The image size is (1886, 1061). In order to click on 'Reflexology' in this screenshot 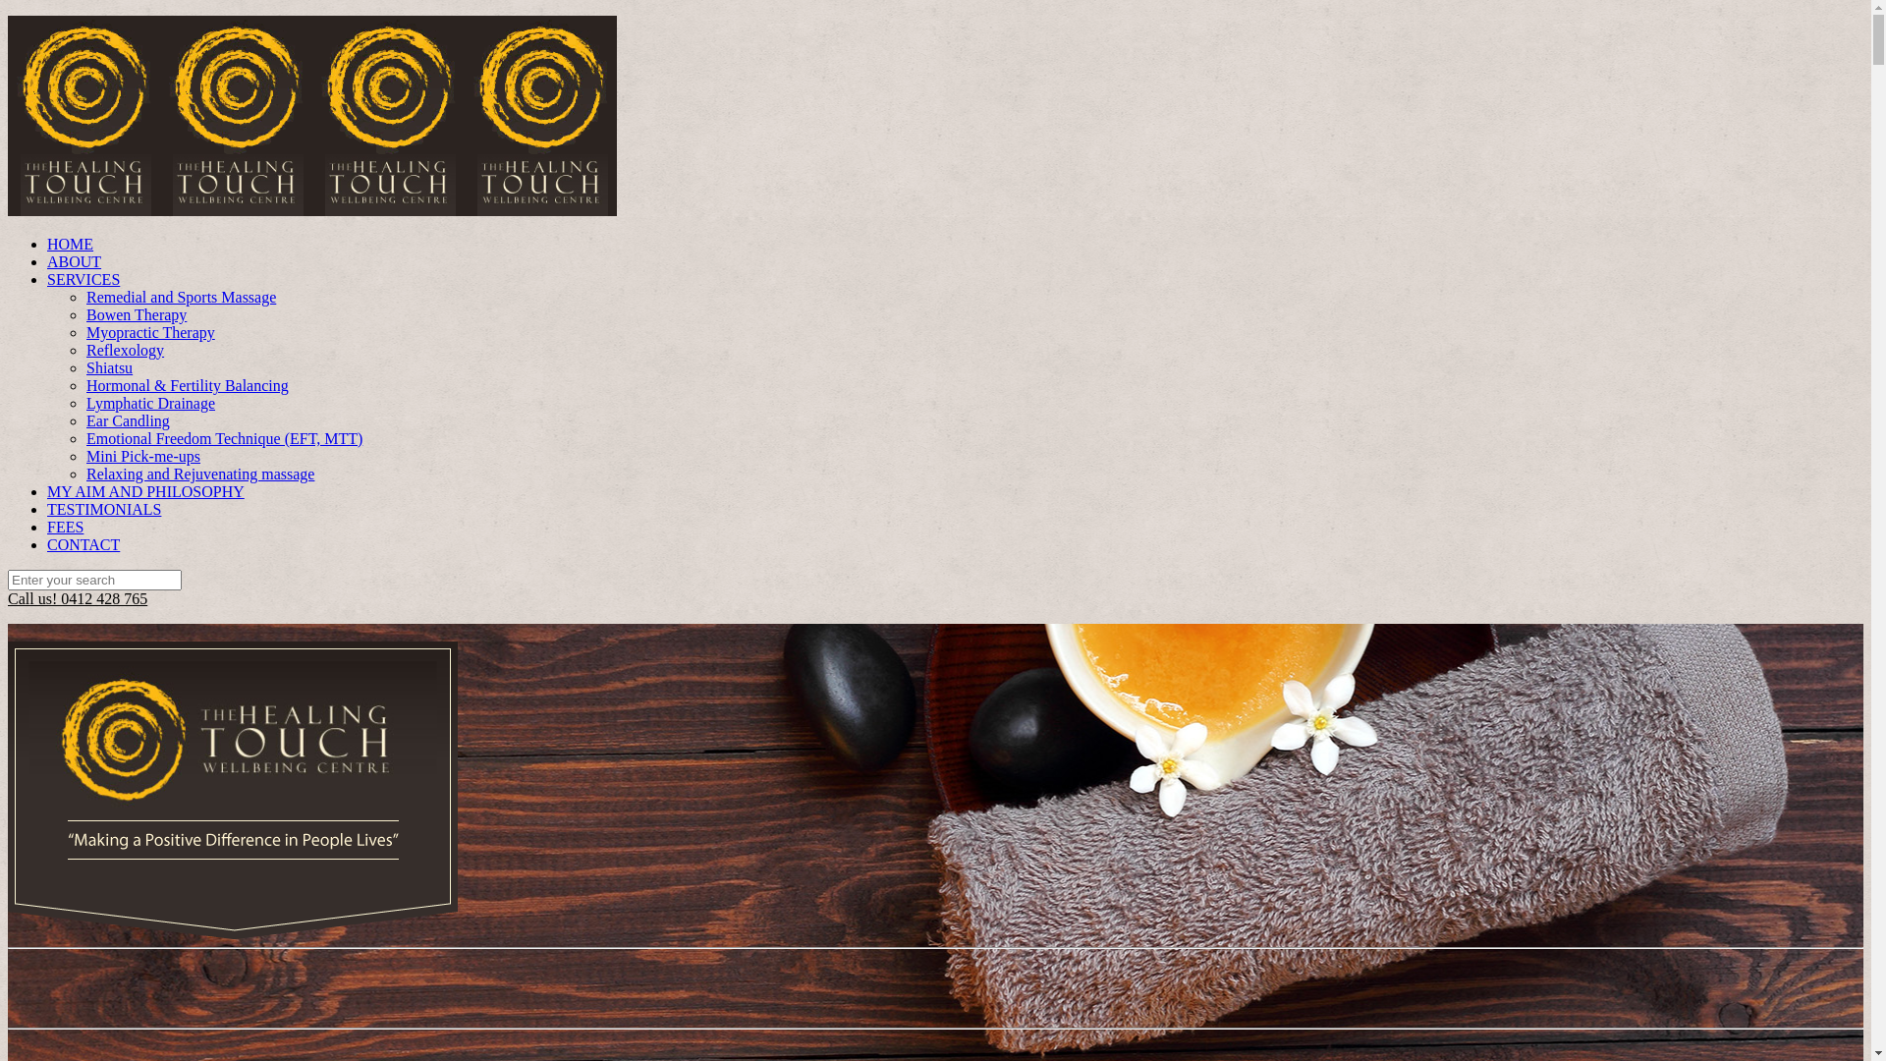, I will do `click(84, 349)`.